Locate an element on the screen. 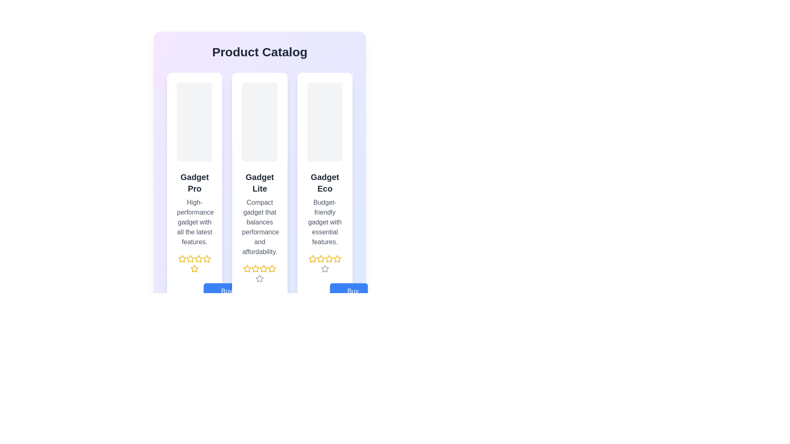  the third star icon in the rating section of the 'Gadget Lite' product is located at coordinates (255, 268).